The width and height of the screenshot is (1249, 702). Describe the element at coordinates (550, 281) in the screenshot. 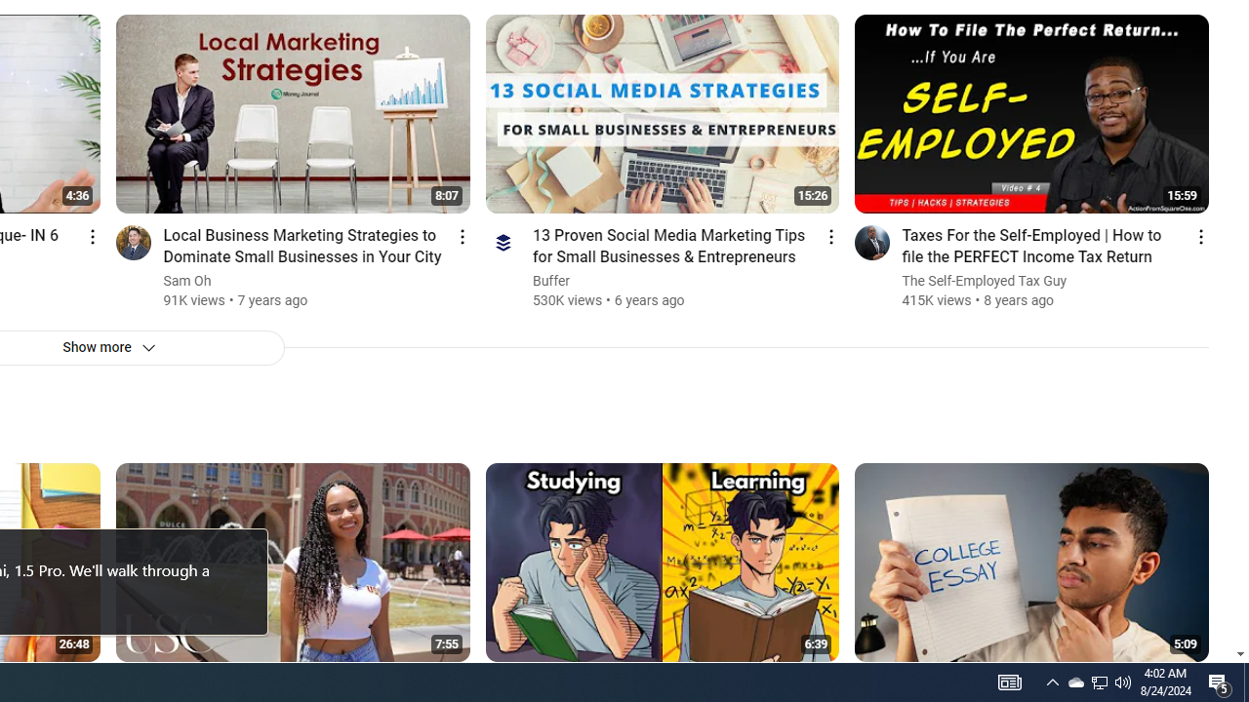

I see `'Buffer'` at that location.